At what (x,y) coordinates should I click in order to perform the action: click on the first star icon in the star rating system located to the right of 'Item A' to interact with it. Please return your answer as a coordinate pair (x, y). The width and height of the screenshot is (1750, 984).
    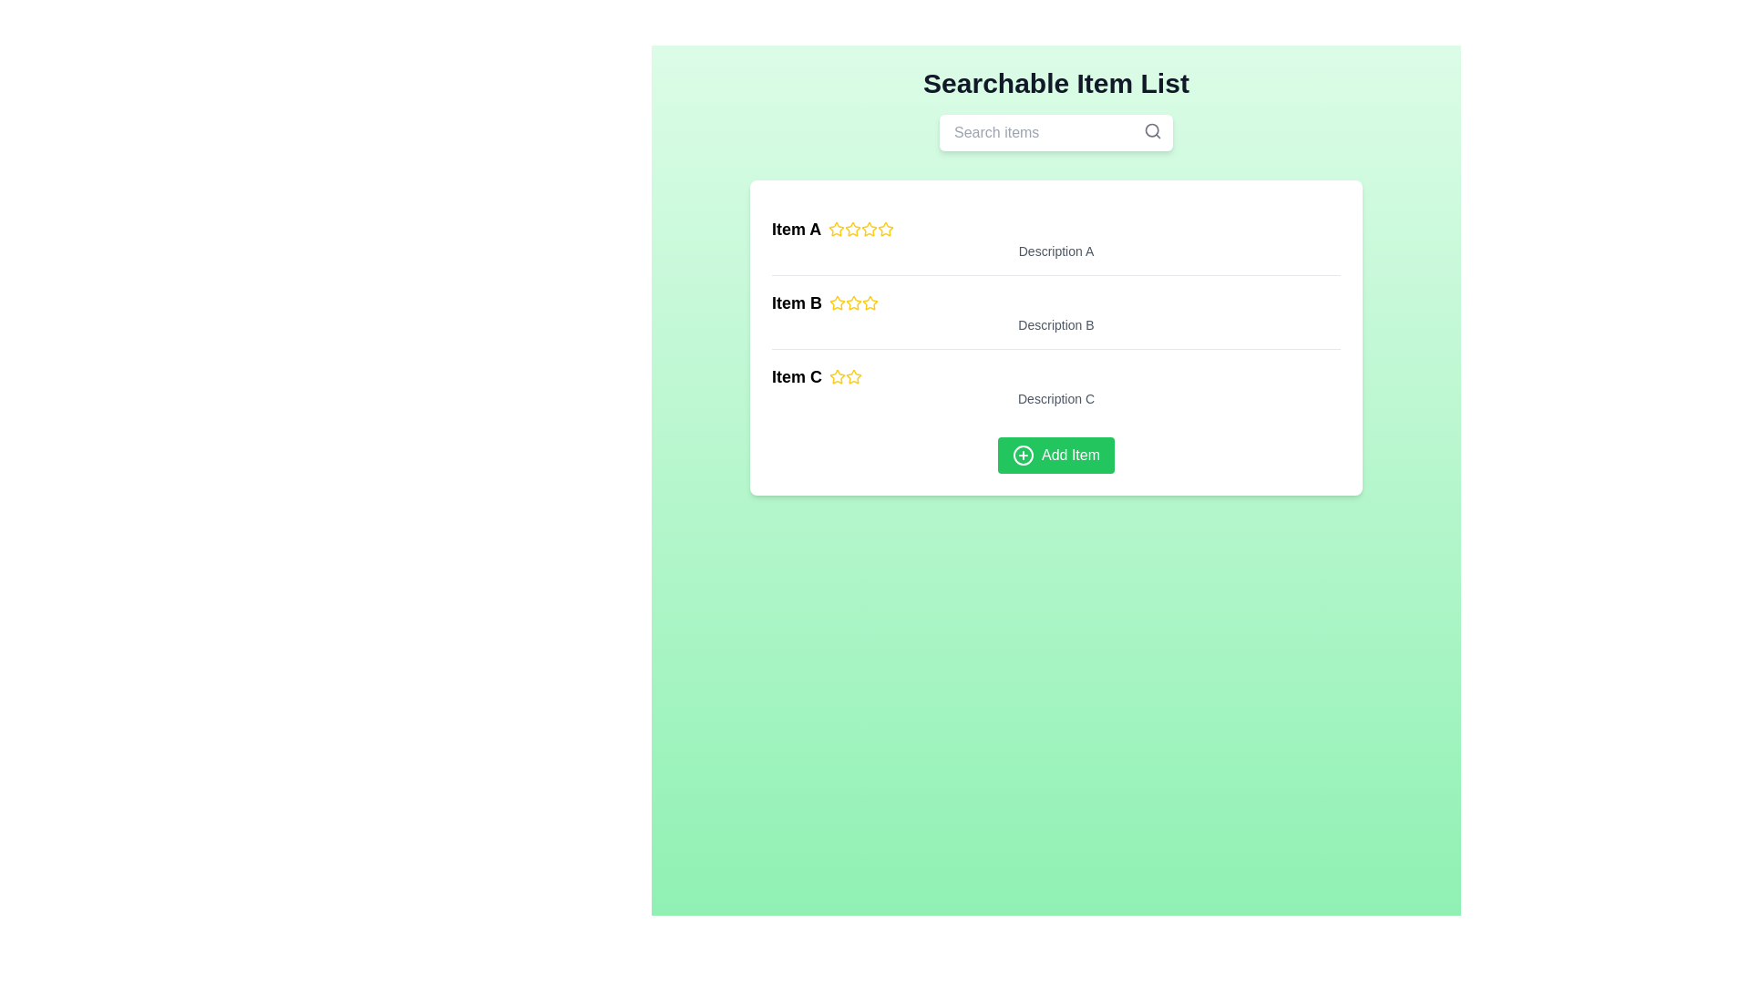
    Looking at the image, I should click on (835, 227).